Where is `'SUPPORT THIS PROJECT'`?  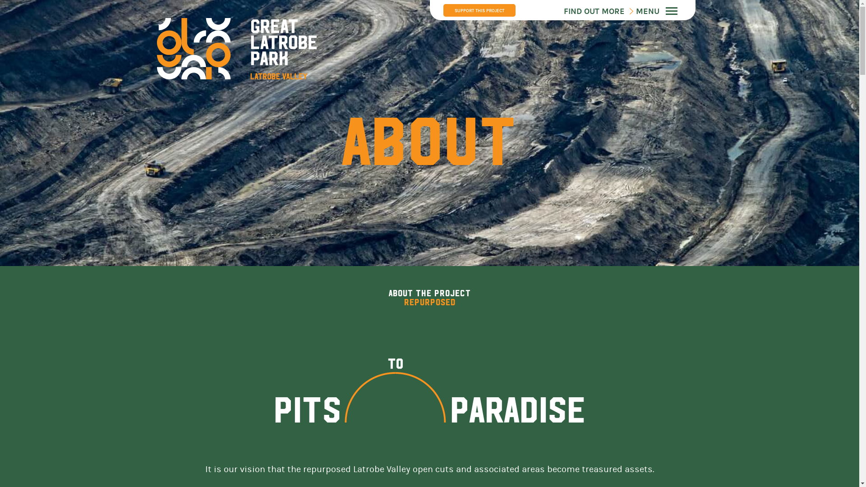
'SUPPORT THIS PROJECT' is located at coordinates (443, 10).